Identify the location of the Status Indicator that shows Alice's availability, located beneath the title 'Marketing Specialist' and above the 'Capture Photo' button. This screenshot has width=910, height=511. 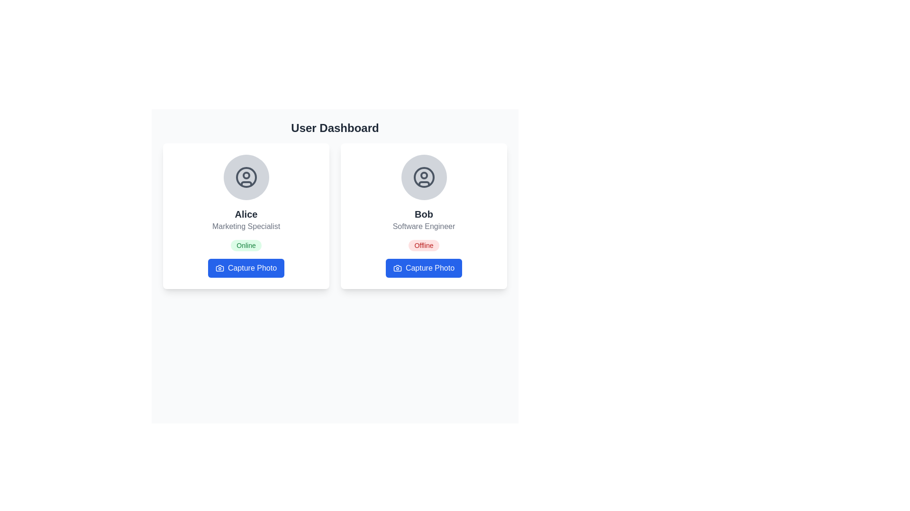
(246, 245).